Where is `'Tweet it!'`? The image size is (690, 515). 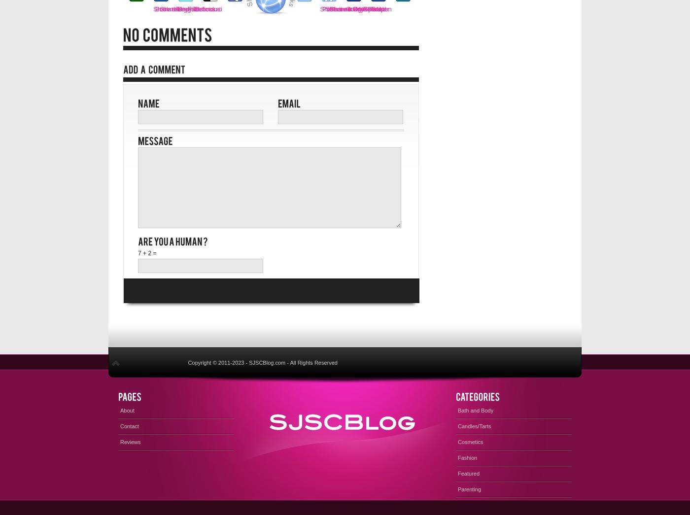 'Tweet it!' is located at coordinates (187, 8).